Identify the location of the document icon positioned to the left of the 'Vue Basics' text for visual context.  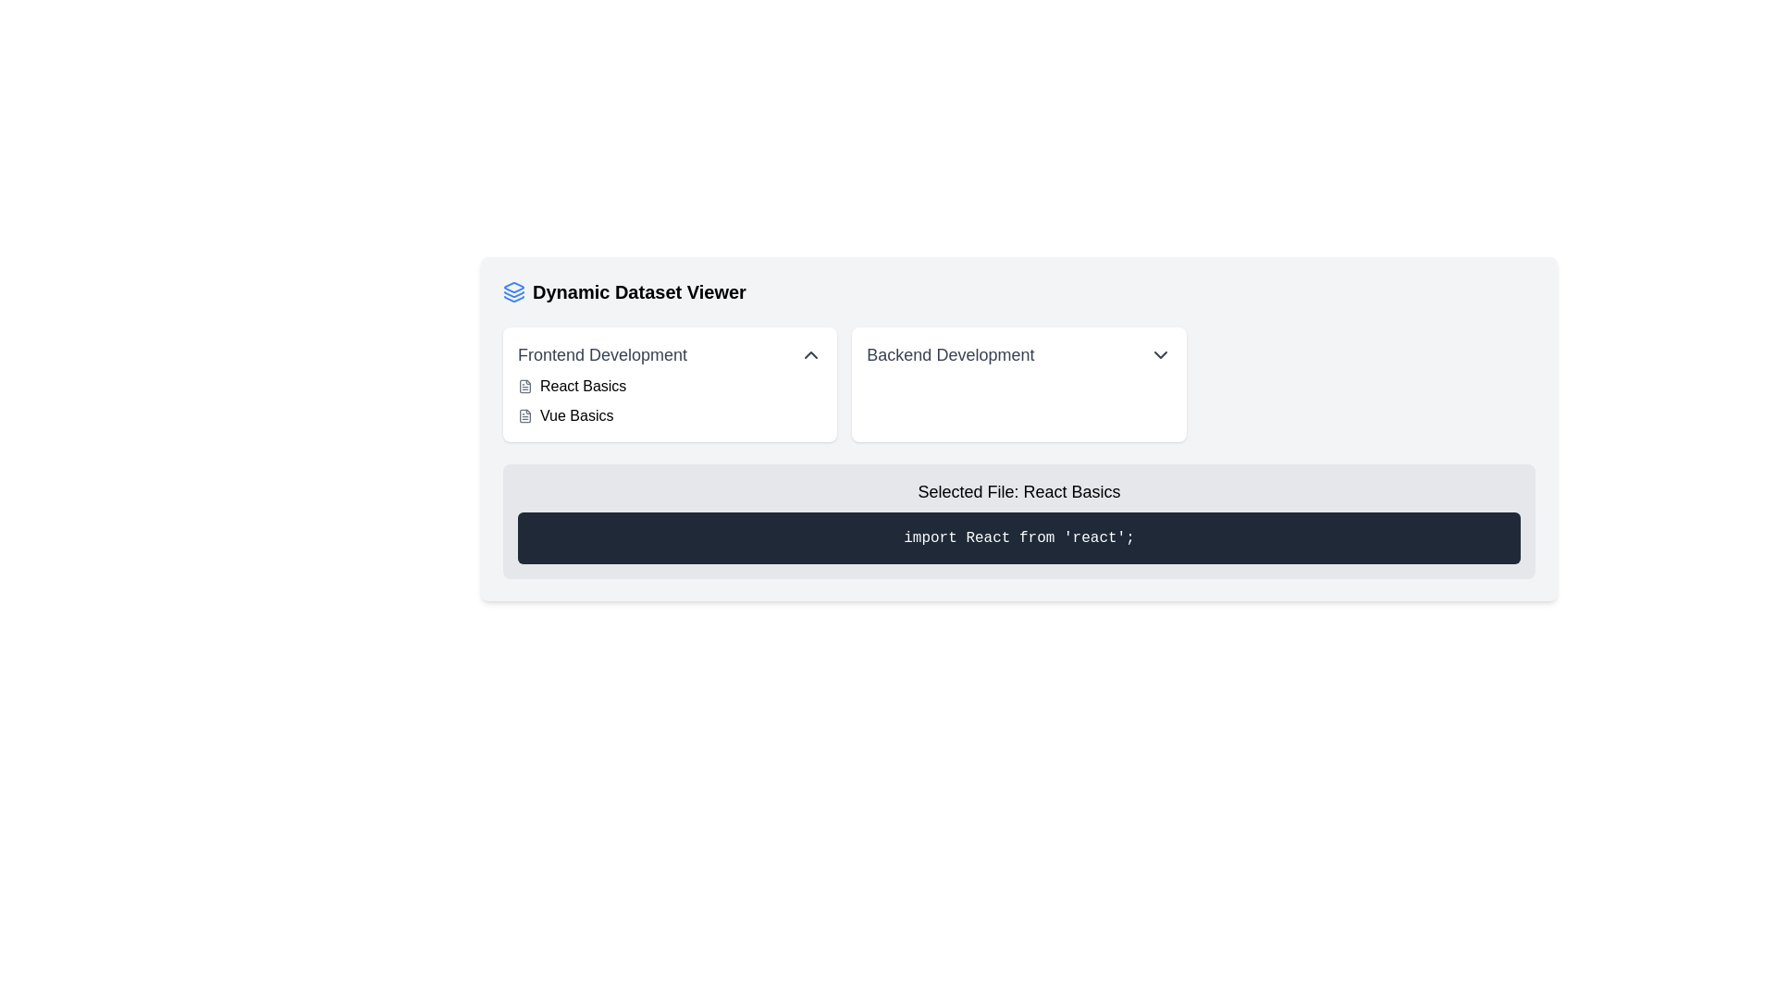
(524, 416).